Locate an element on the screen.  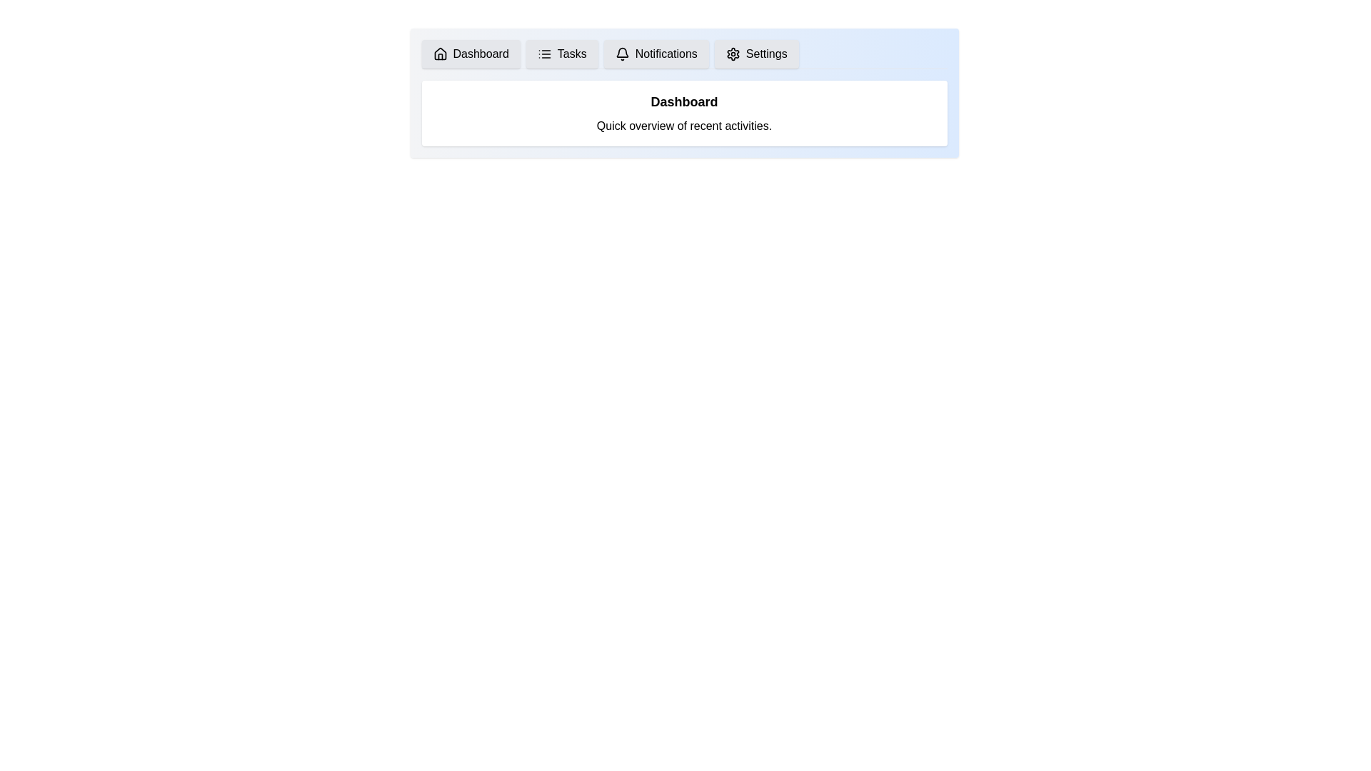
the tab labeled Dashboard to view its content is located at coordinates (471, 54).